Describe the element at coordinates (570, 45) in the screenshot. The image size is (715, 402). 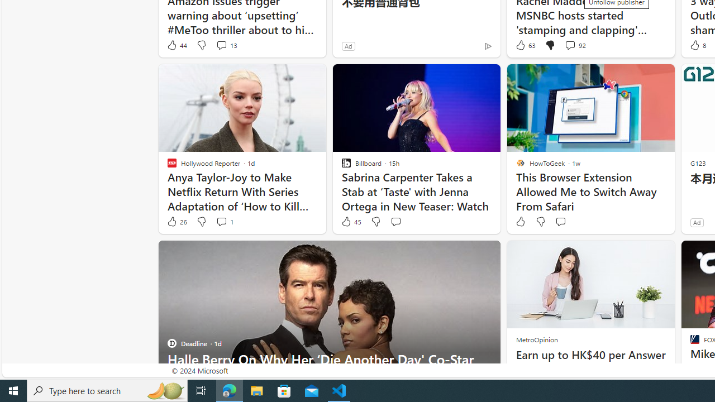
I see `'View comments 92 Comment'` at that location.